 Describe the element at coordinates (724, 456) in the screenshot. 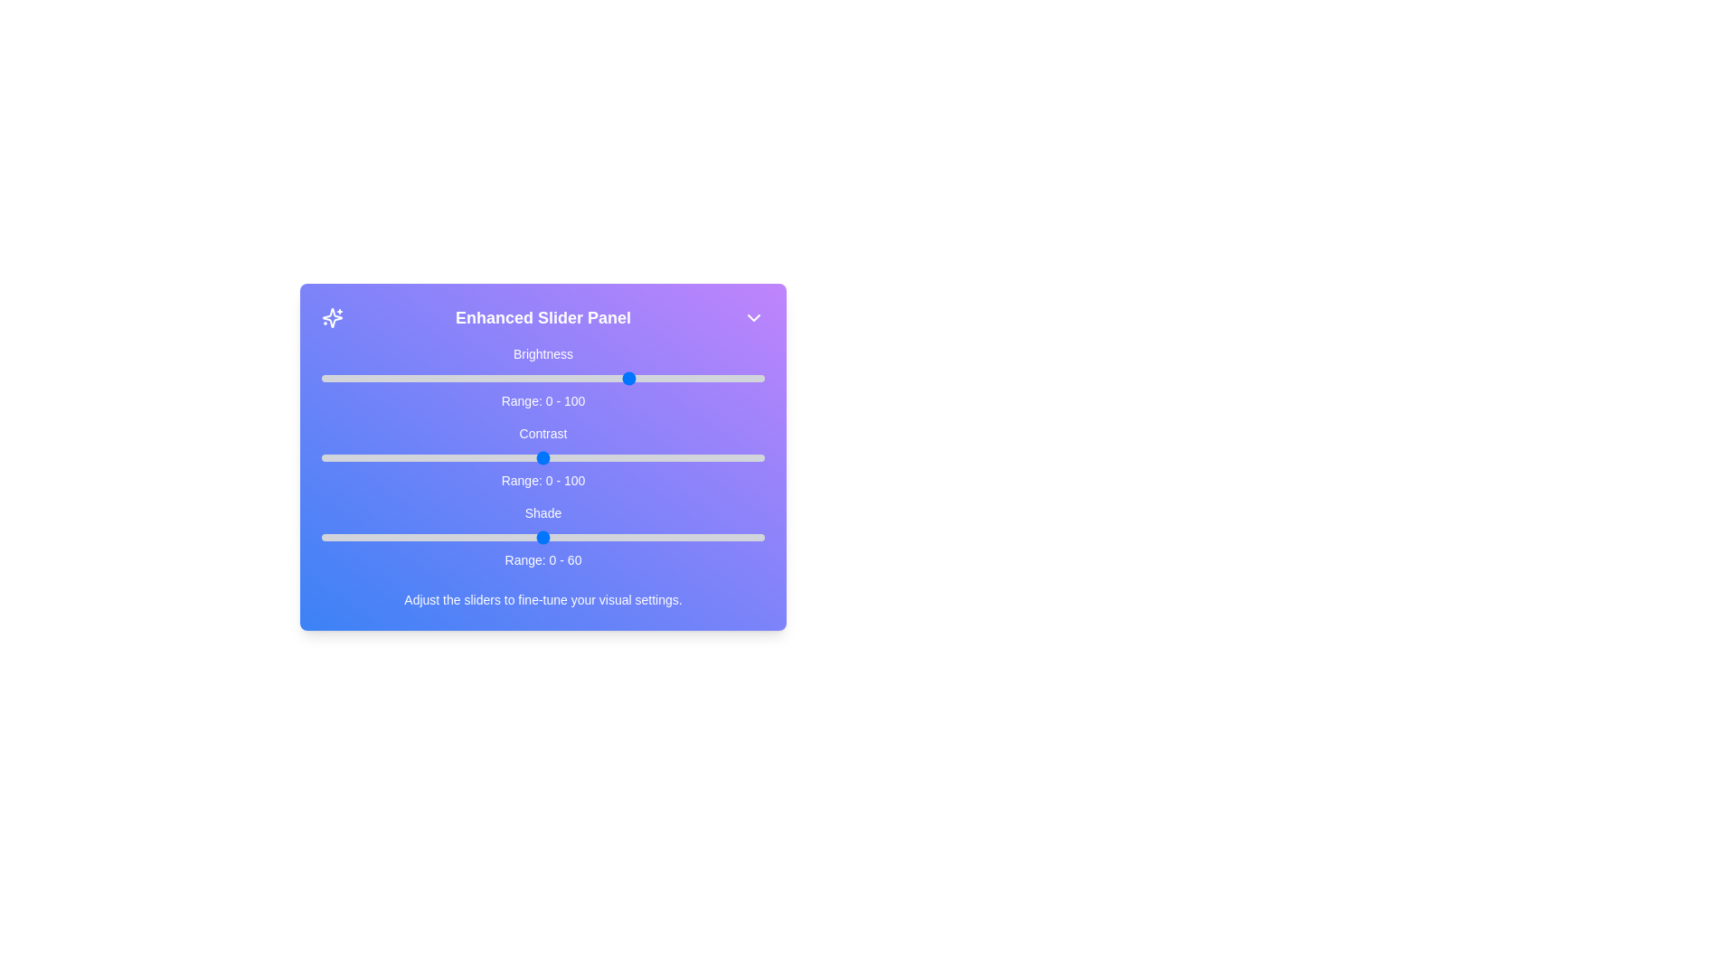

I see `the 1 slider to 91` at that location.